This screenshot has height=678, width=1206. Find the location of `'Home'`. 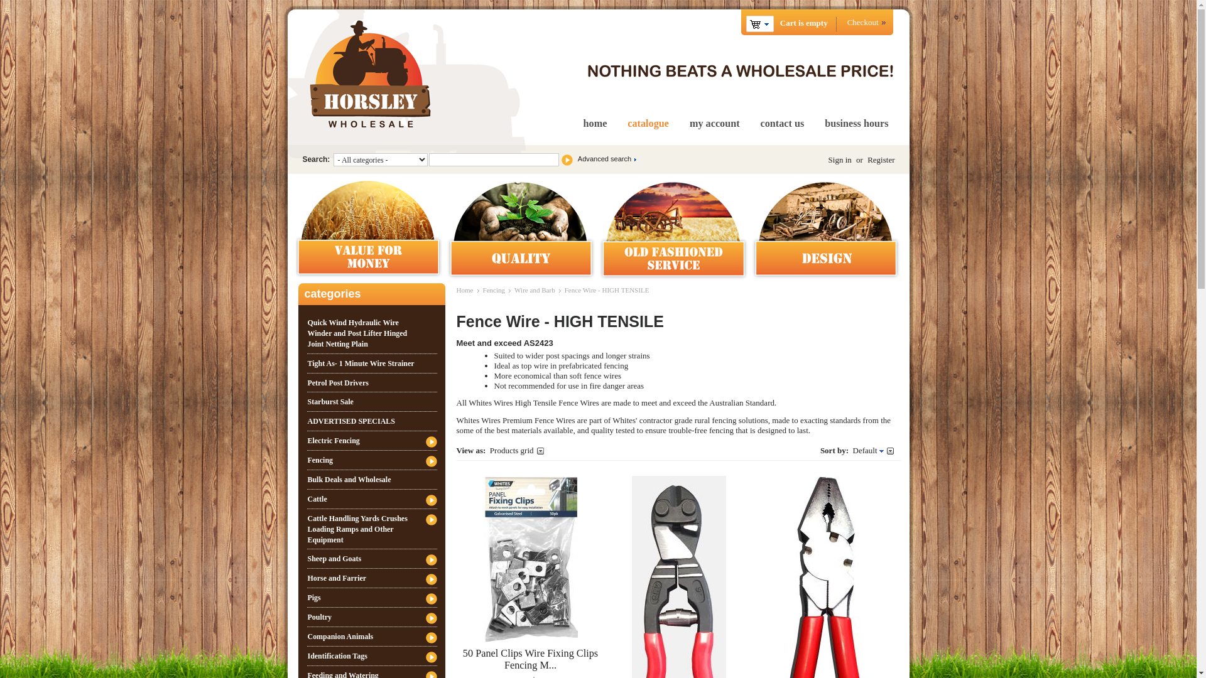

'Home' is located at coordinates (464, 290).